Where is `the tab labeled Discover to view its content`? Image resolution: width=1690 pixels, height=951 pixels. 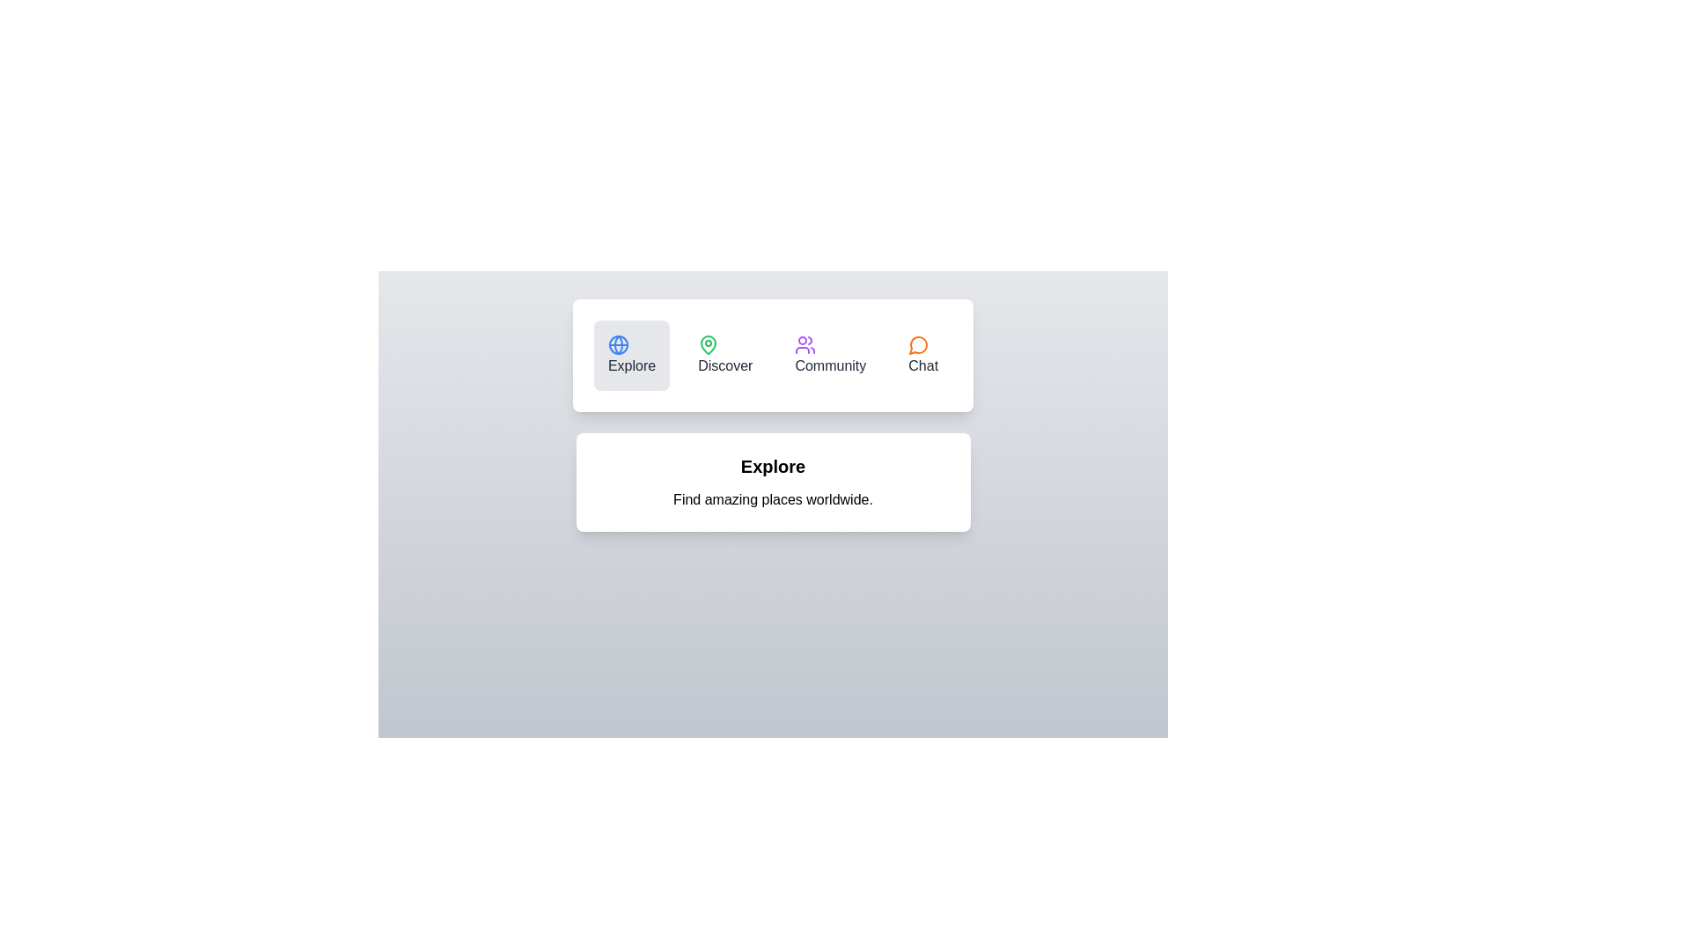
the tab labeled Discover to view its content is located at coordinates (725, 356).